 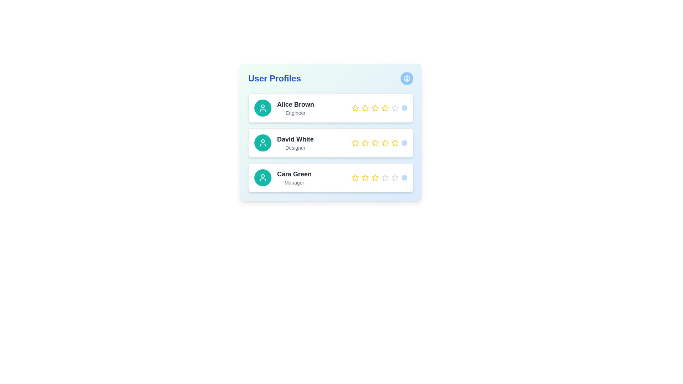 I want to click on the first yellow star icon in the rating system for the user 'Alice Brown', which indicates an active rating item, so click(x=355, y=108).